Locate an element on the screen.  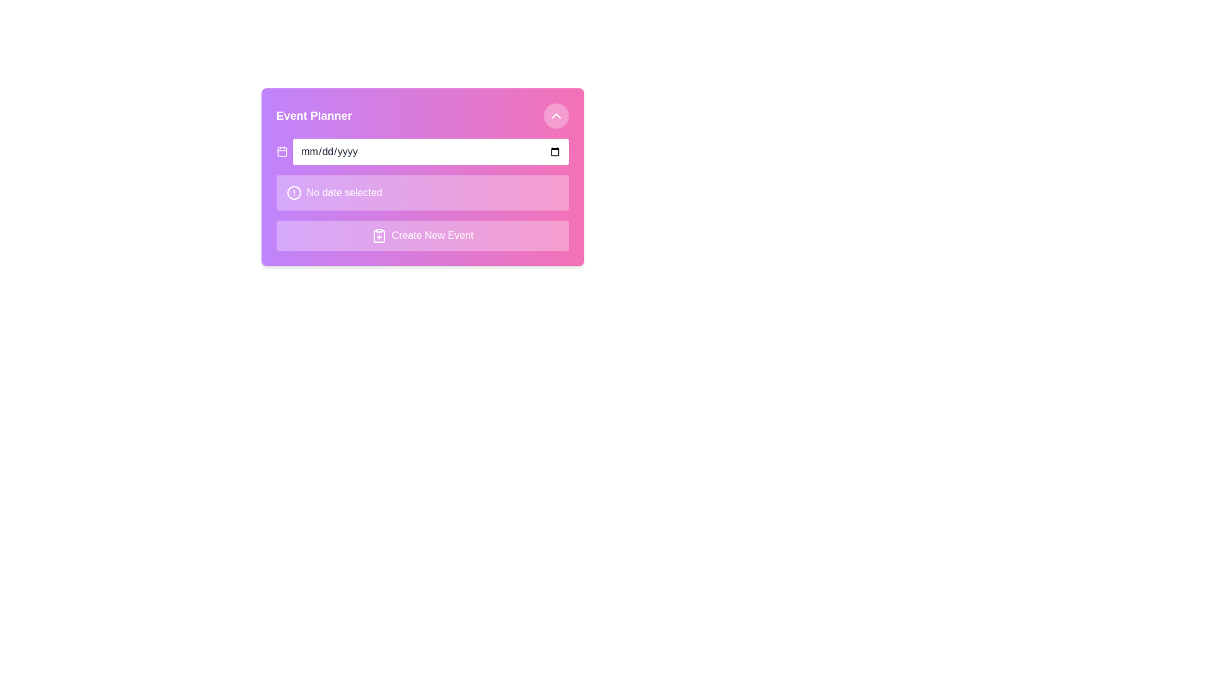
the icon that visually represents the action of creating or adding a new event, which is positioned to the left of the 'Create New Event' button is located at coordinates (378, 236).